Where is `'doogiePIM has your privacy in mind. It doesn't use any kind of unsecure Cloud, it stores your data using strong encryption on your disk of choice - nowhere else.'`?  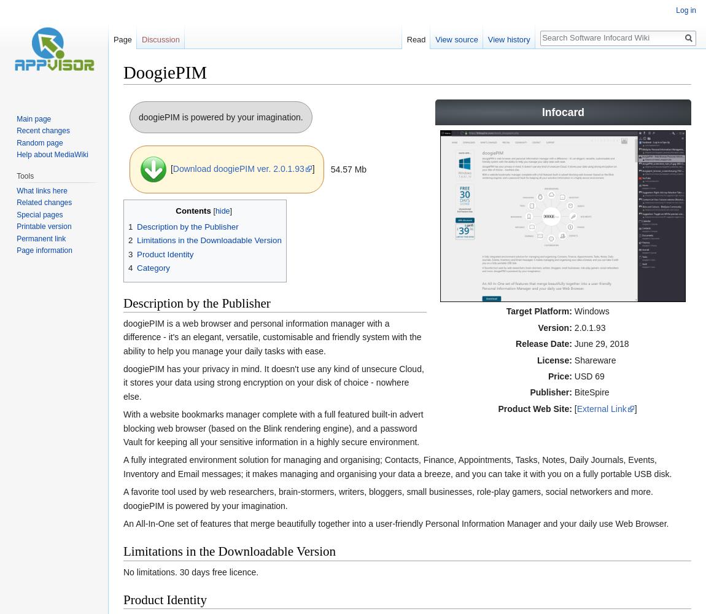 'doogiePIM has your privacy in mind. It doesn't use any kind of unsecure Cloud, it stores your data using strong encryption on your disk of choice - nowhere else.' is located at coordinates (123, 382).